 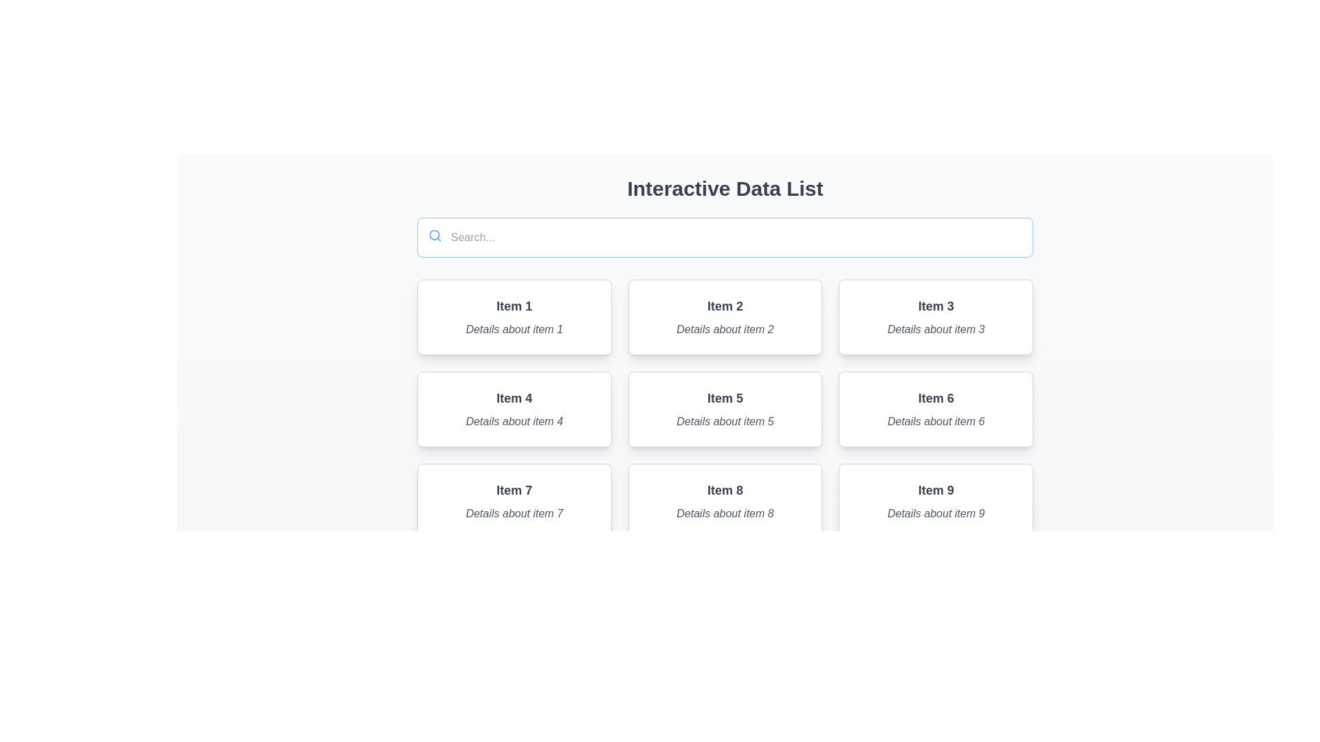 I want to click on the fourth card in the grid layout, so click(x=514, y=409).